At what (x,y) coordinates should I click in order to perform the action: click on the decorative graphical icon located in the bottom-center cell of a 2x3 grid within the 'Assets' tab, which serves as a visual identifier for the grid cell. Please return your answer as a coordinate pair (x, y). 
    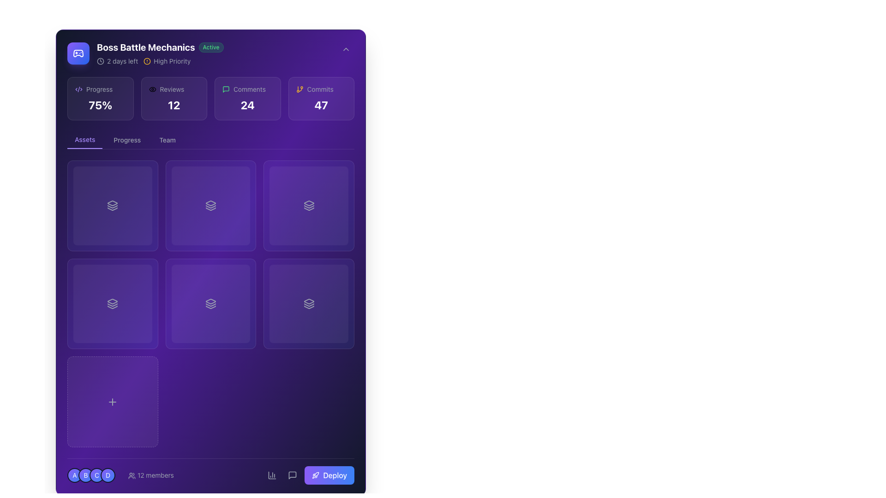
    Looking at the image, I should click on (210, 307).